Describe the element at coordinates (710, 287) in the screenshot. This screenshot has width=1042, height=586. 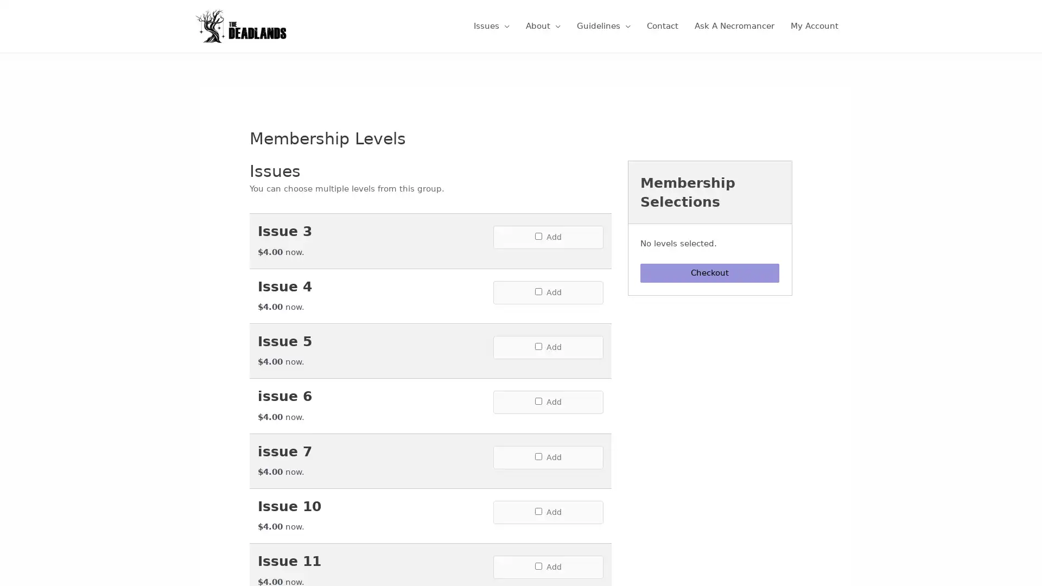
I see `Checkout` at that location.